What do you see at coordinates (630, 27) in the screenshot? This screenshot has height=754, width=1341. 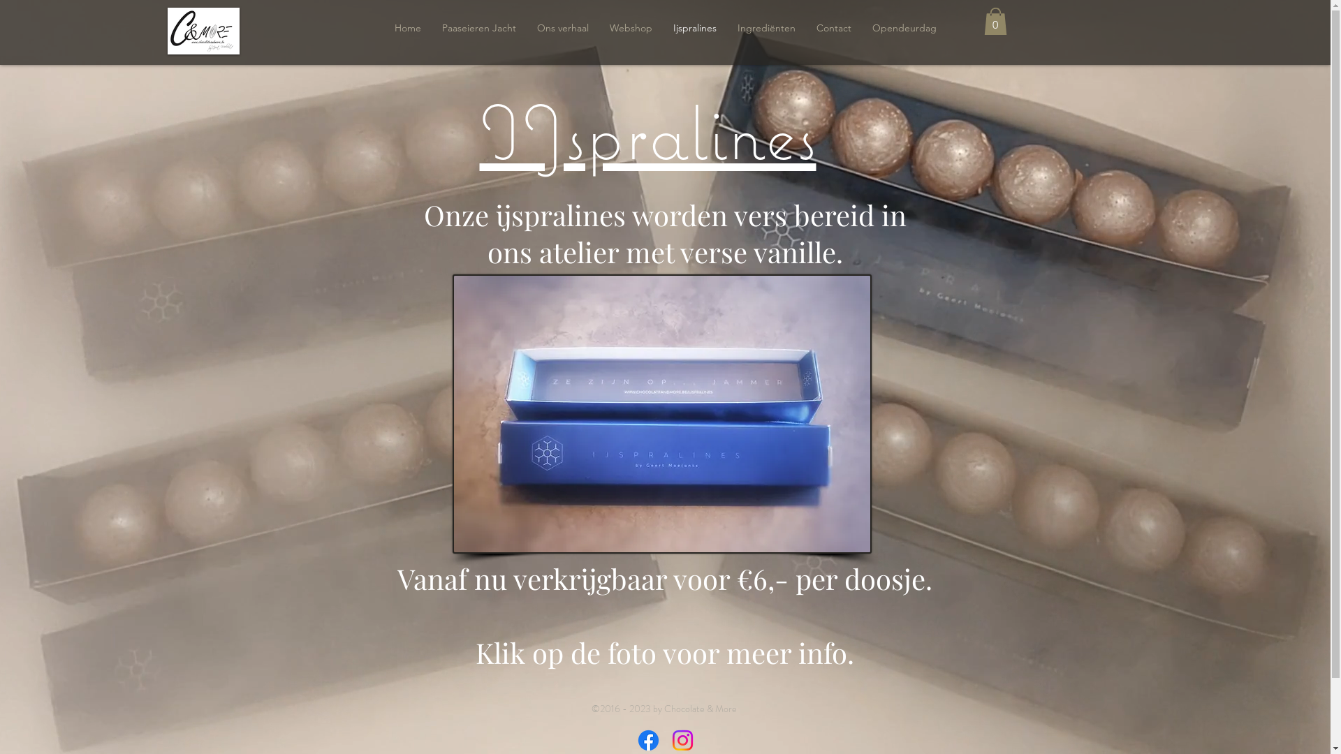 I see `'Webshop'` at bounding box center [630, 27].